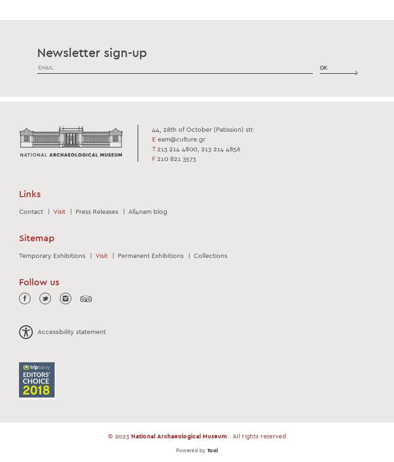 Image resolution: width=394 pixels, height=462 pixels. I want to click on 'Permanent Exhibitions', so click(151, 254).